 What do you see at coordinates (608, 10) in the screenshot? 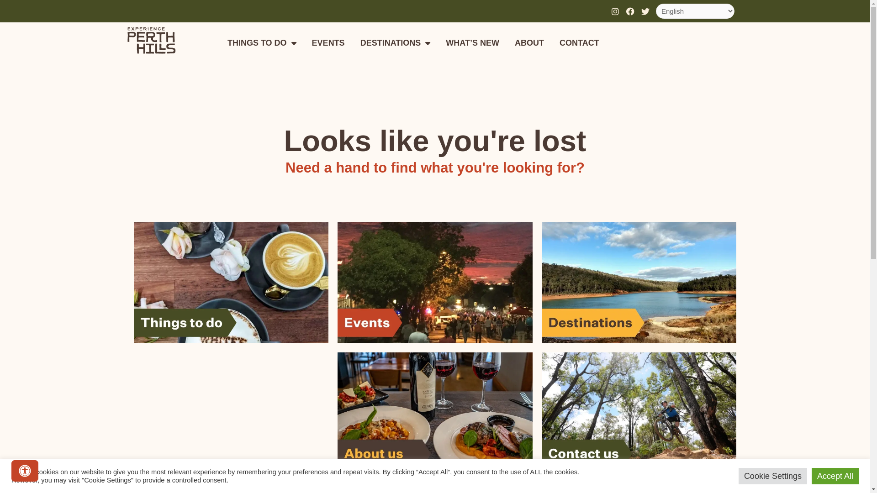
I see `'Instagram'` at bounding box center [608, 10].